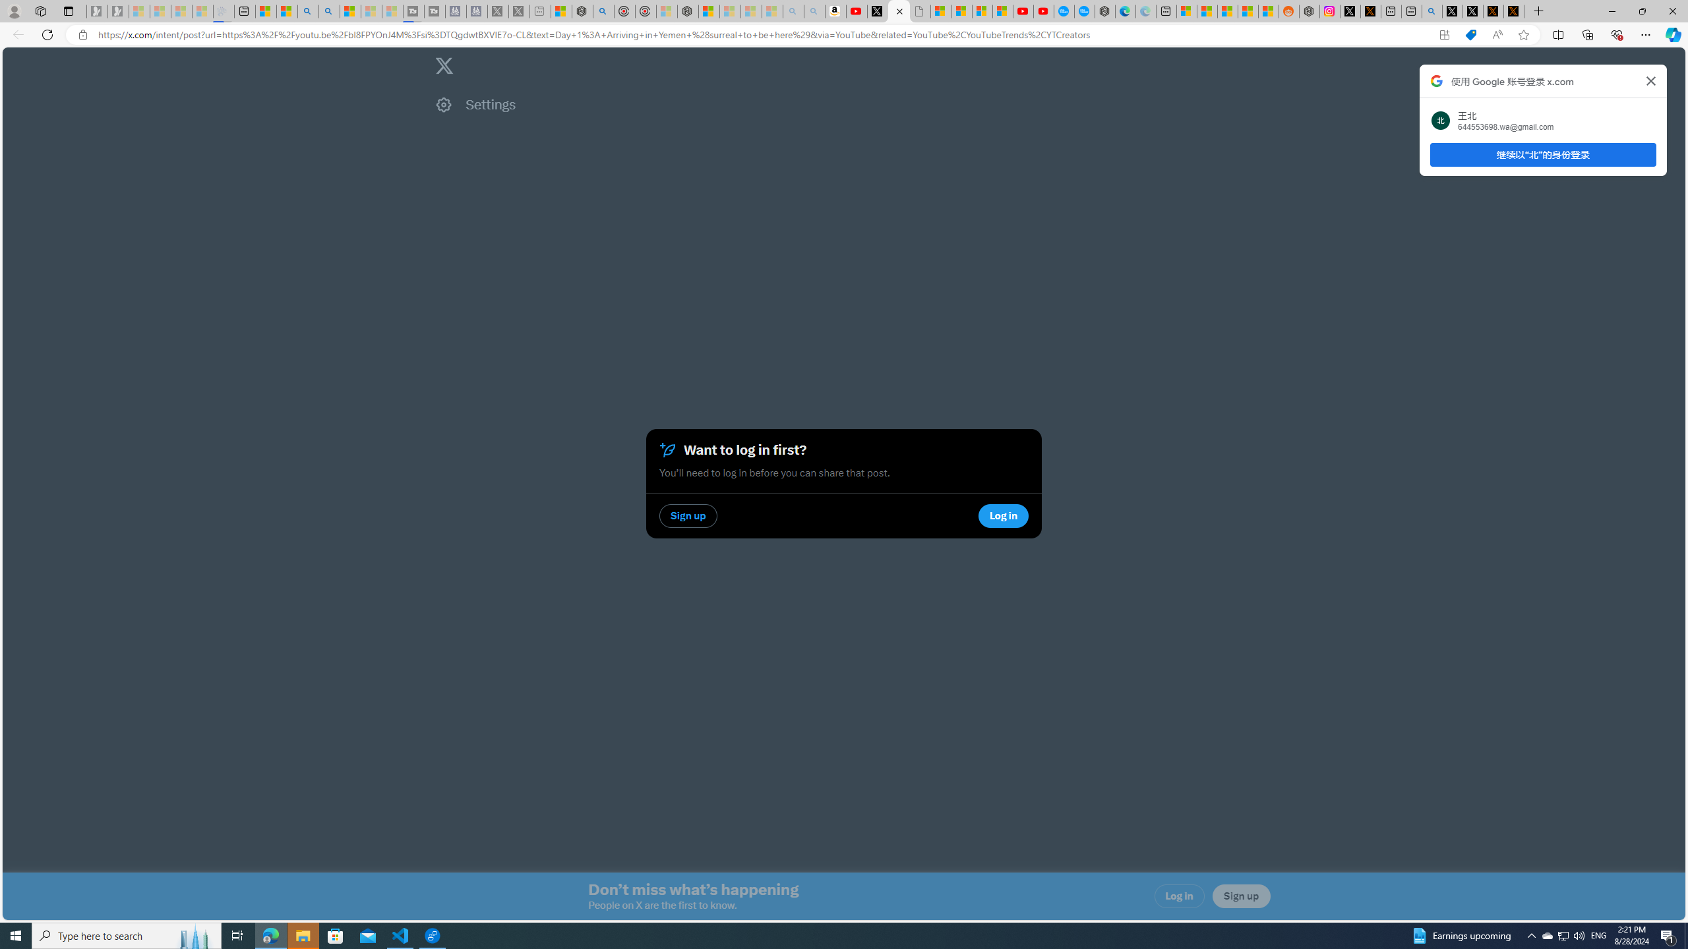  I want to click on 'Collections', so click(1586, 34).